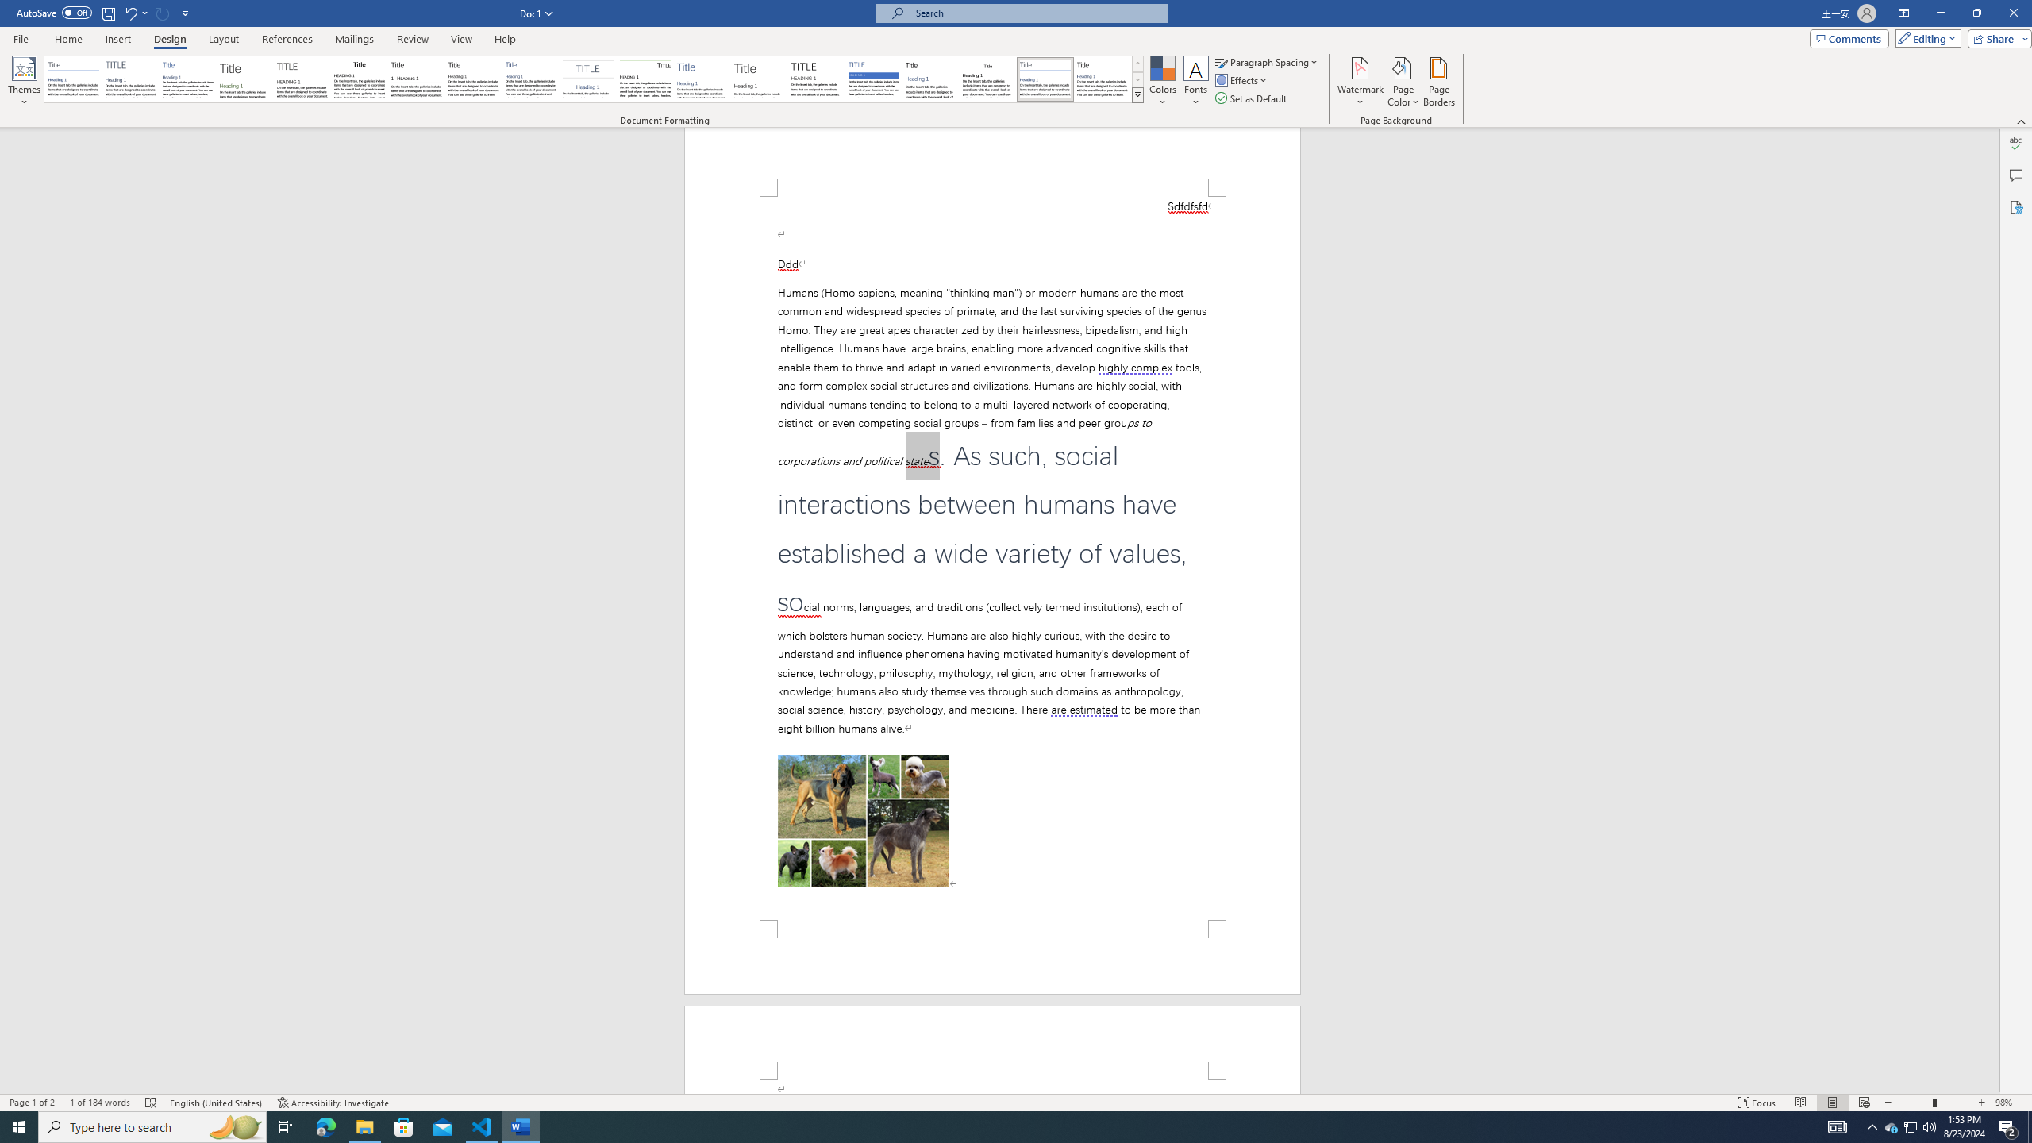 This screenshot has width=2032, height=1143. What do you see at coordinates (992, 1086) in the screenshot?
I see `'Page 2 content'` at bounding box center [992, 1086].